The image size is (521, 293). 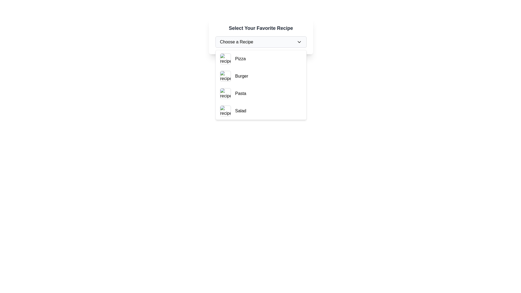 I want to click on the image icon with a circular border and gray border labeled 'recipe' that is positioned within the dropdown menu under 'Choose a Recipe' associated with 'Pizza', so click(x=225, y=59).